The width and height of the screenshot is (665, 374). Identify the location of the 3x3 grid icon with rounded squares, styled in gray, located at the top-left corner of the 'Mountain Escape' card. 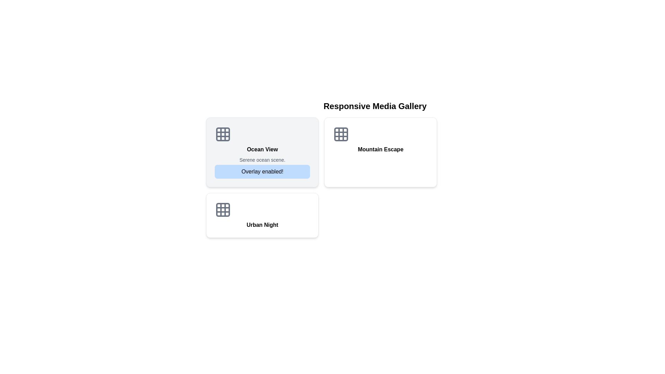
(341, 134).